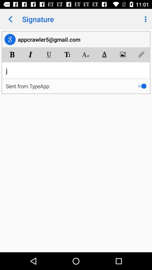  I want to click on icon above the j icon, so click(12, 54).